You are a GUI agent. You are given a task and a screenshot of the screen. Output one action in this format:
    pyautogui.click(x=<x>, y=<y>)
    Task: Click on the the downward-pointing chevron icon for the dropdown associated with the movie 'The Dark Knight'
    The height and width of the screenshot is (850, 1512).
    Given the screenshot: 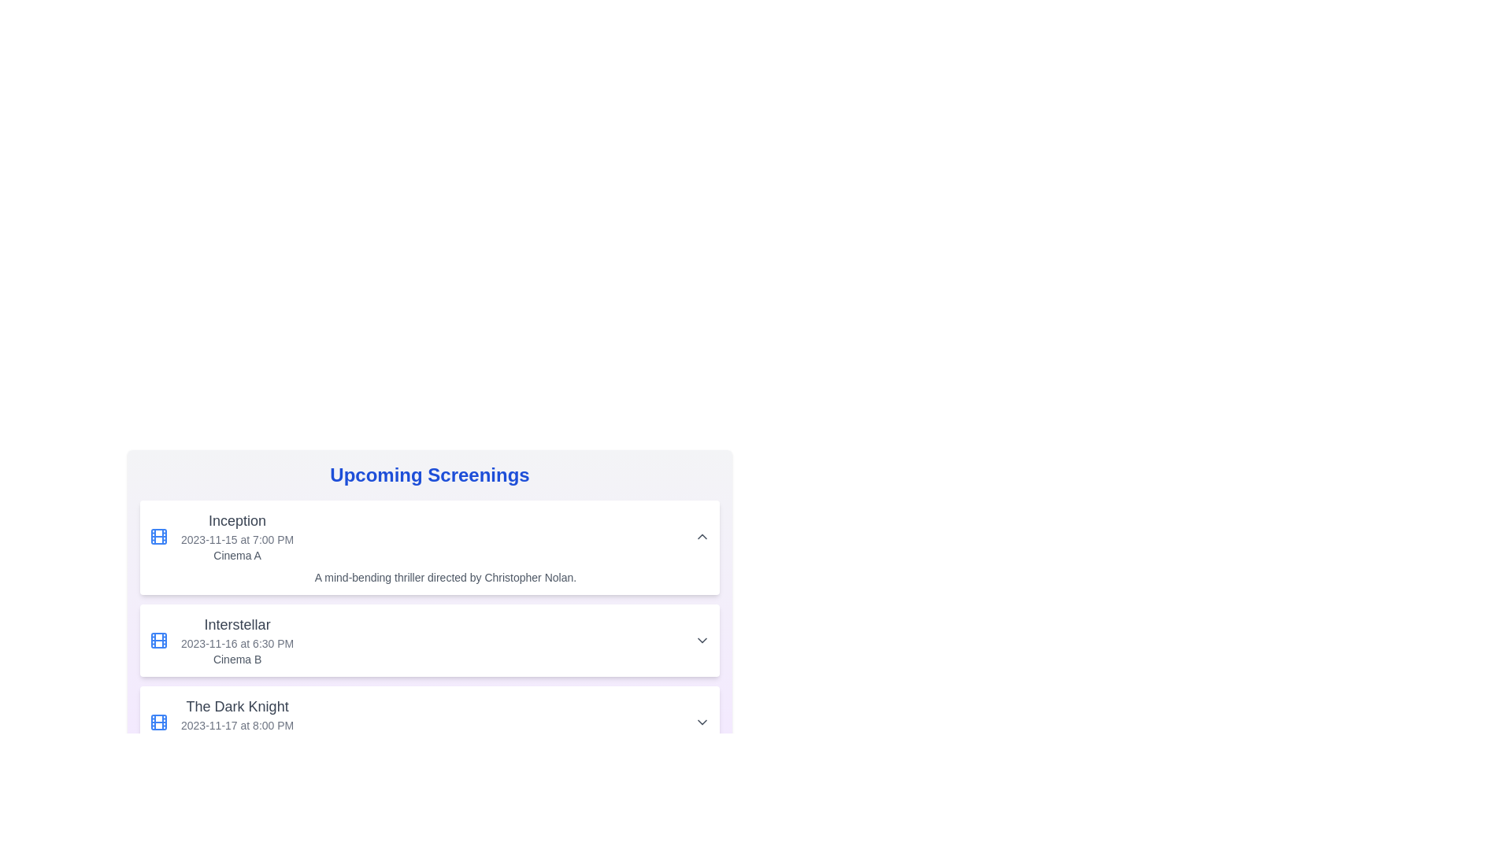 What is the action you would take?
    pyautogui.click(x=702, y=722)
    